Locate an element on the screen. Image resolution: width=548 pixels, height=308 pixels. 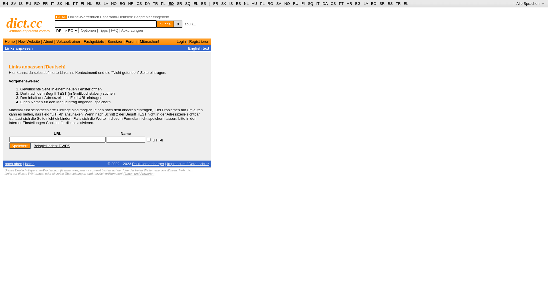
'Alle Sprachen ' is located at coordinates (516, 3).